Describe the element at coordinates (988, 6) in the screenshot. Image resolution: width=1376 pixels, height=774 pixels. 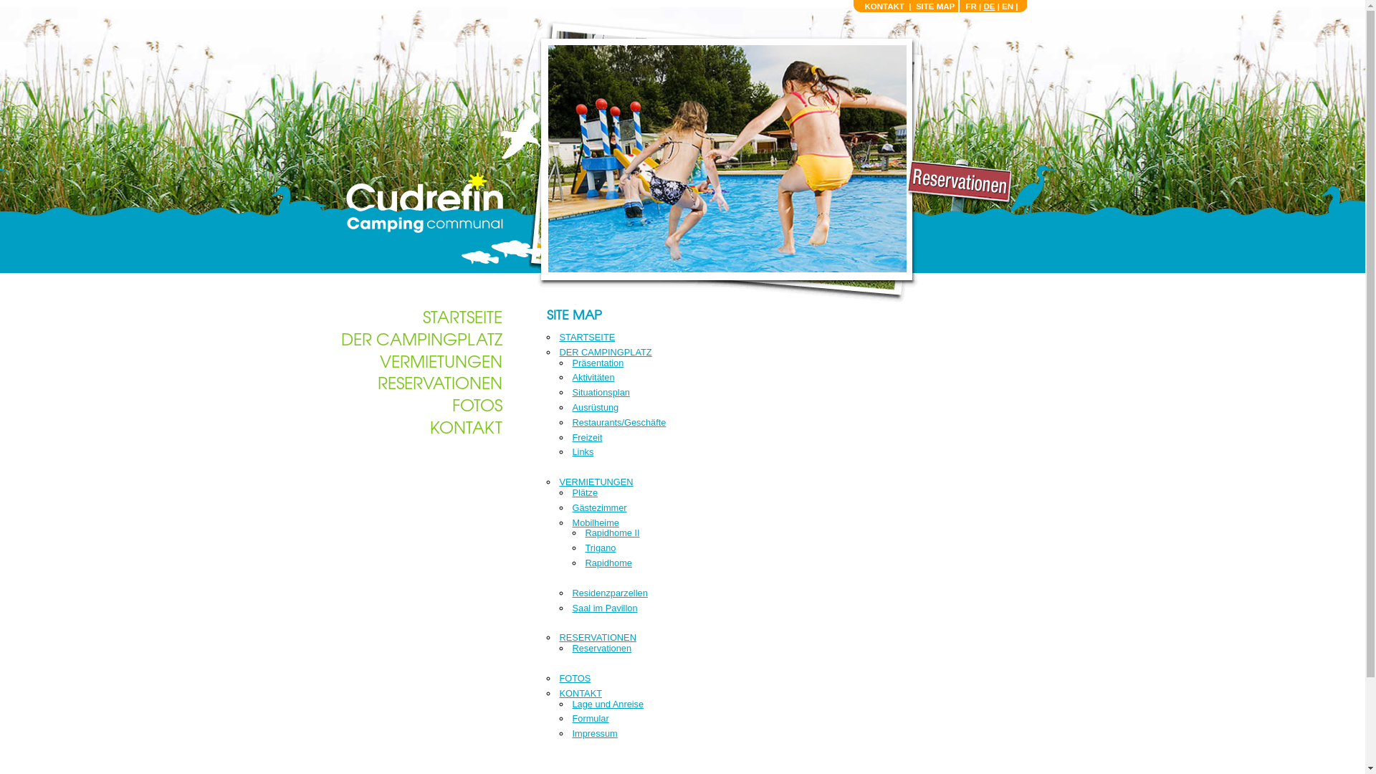
I see `'DE'` at that location.